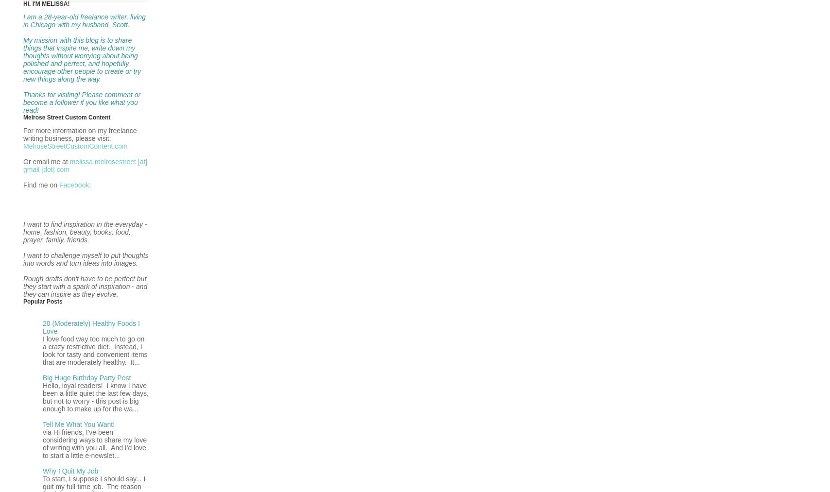 This screenshot has height=492, width=830. What do you see at coordinates (74, 184) in the screenshot?
I see `'Facebook'` at bounding box center [74, 184].